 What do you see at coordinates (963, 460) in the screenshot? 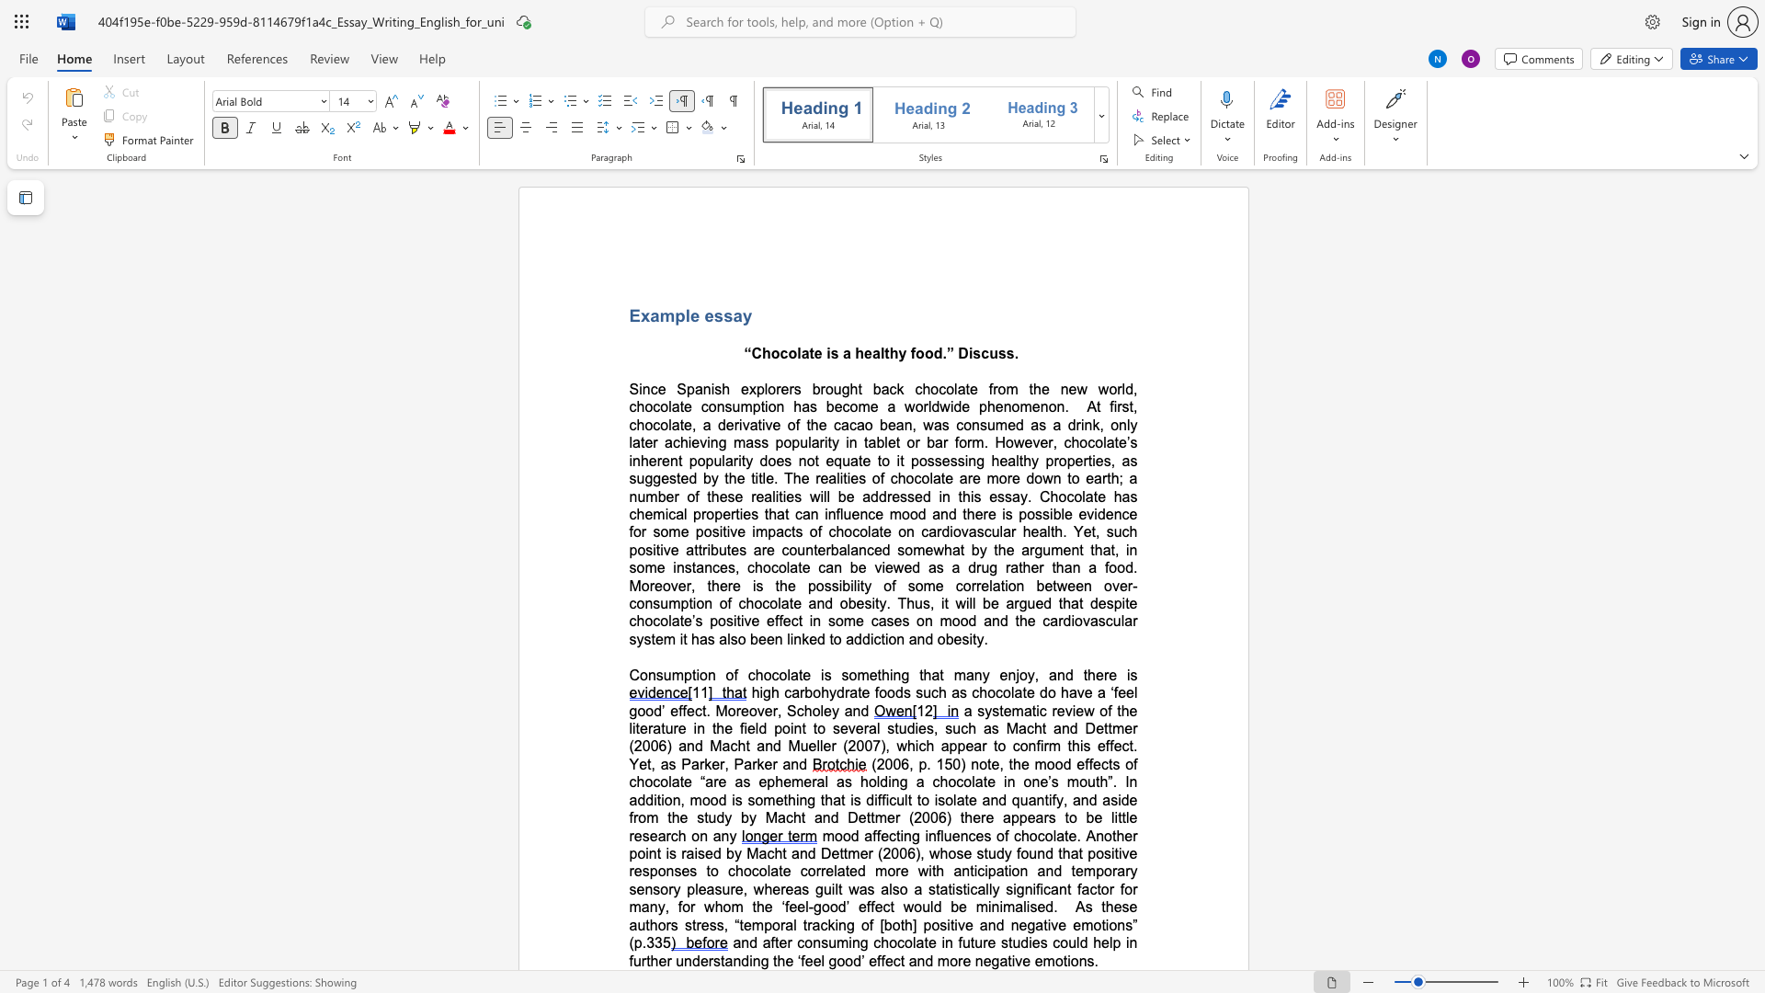
I see `the subset text "ing" within the text "possessing"` at bounding box center [963, 460].